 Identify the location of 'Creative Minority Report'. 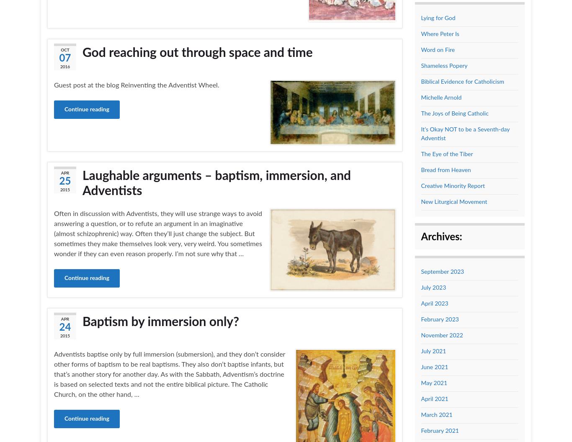
(420, 186).